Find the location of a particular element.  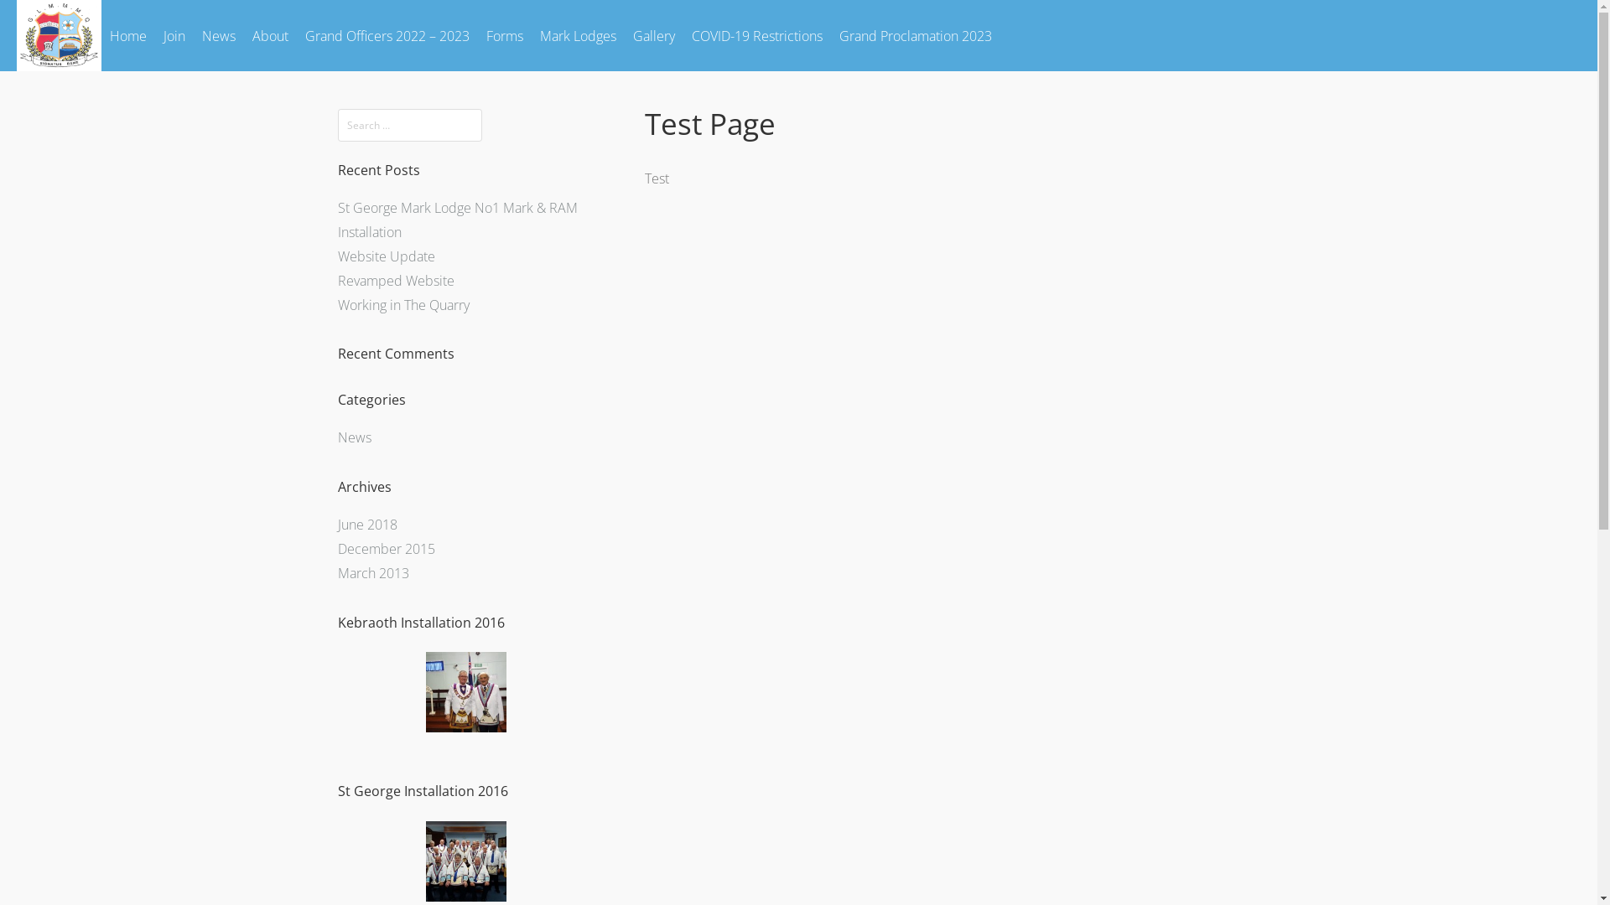

'Working in The Quarry' is located at coordinates (336, 304).